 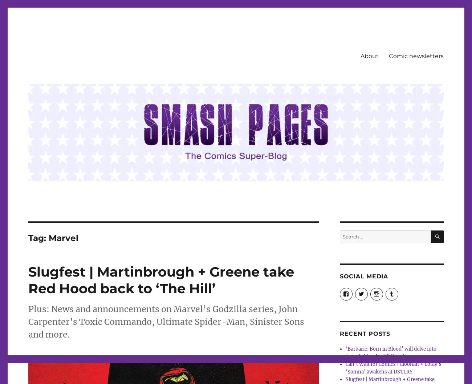 I want to click on '‘Barbaric: Born in Blood’ will delve into Owen’s bloody childhood', so click(x=391, y=352).